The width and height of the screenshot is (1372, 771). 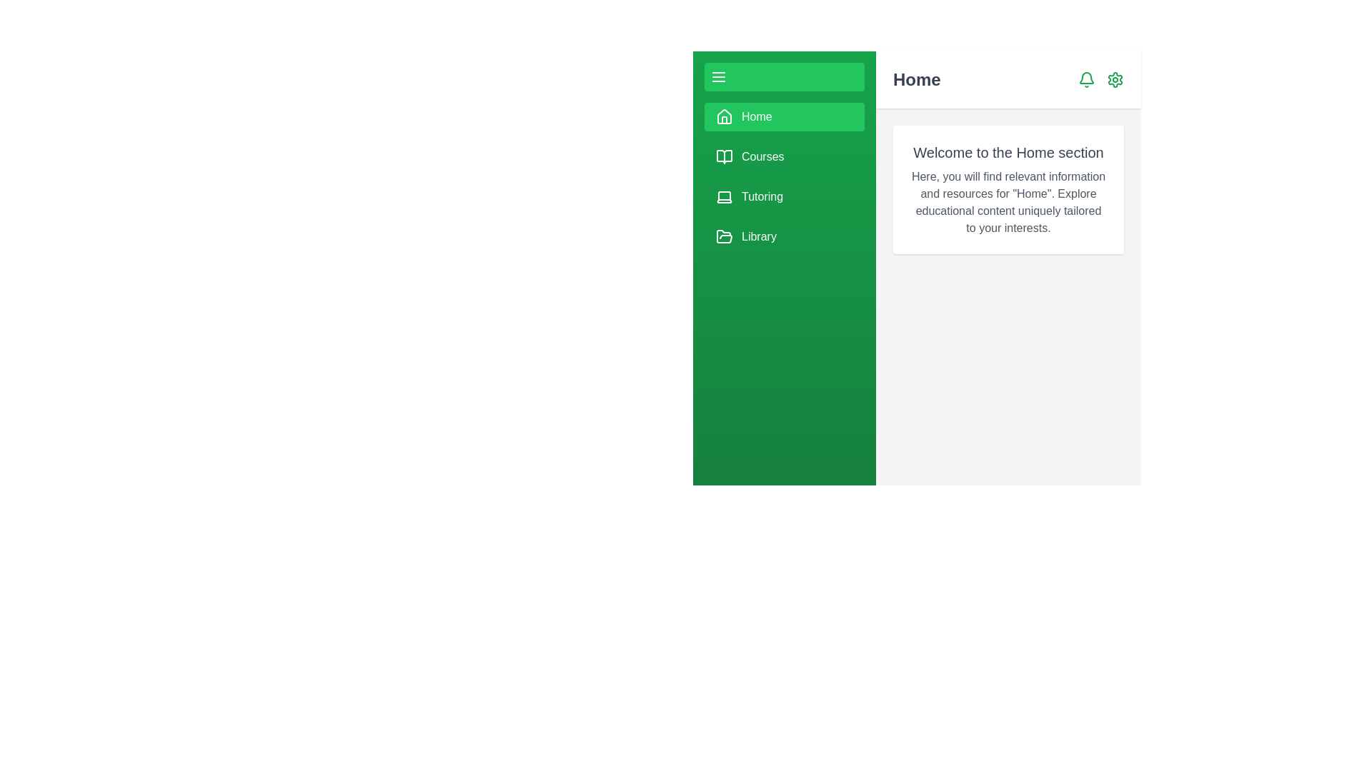 I want to click on the bell icon located in the top horizontal navigation bar, so click(x=1086, y=79).